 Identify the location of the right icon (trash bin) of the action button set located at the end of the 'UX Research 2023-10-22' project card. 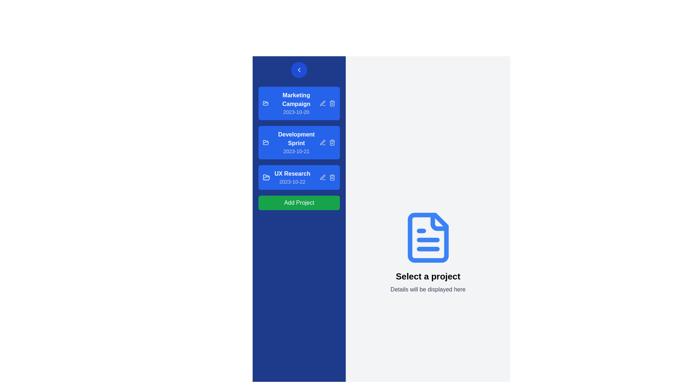
(327, 177).